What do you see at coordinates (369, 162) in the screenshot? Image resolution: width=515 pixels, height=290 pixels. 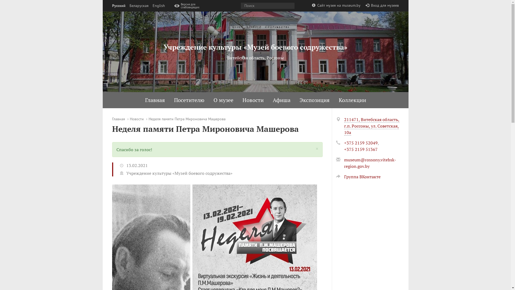 I see `'museum@rossony.vitebsk-region.gov.by'` at bounding box center [369, 162].